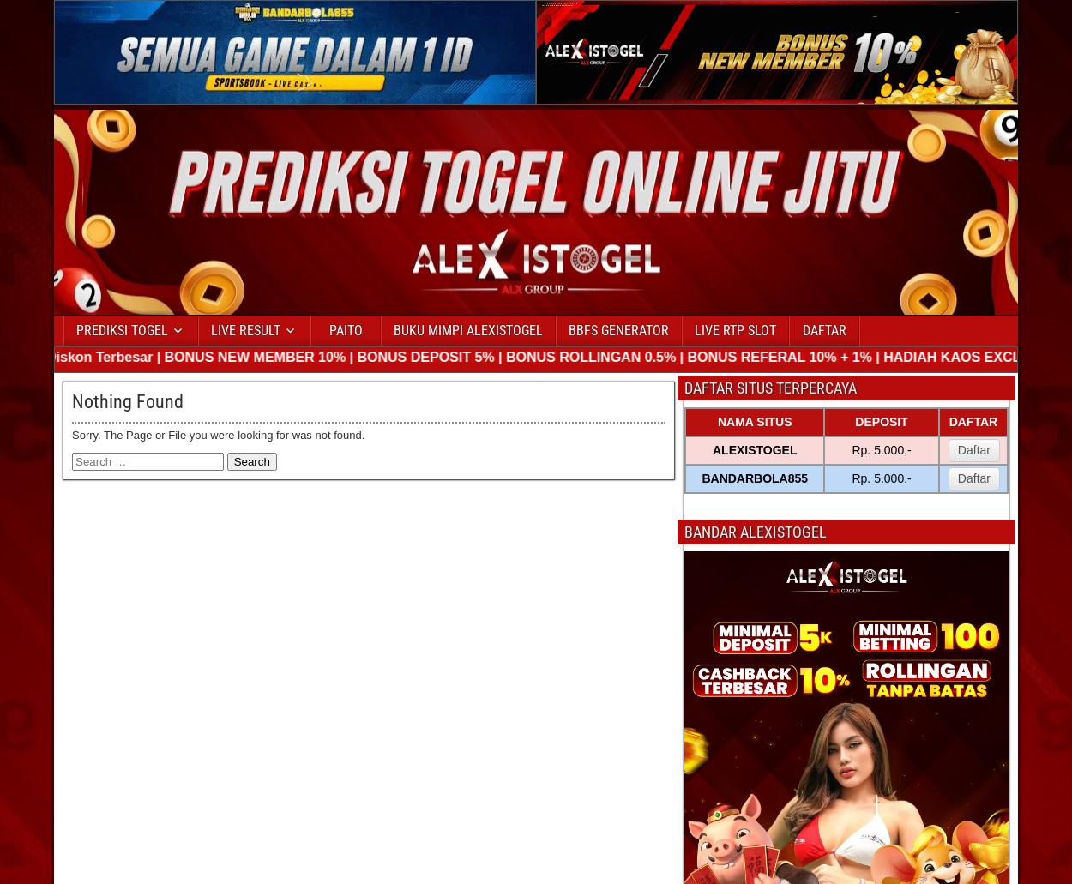 Image resolution: width=1072 pixels, height=884 pixels. Describe the element at coordinates (734, 328) in the screenshot. I see `'LIVE RTP SLOT'` at that location.